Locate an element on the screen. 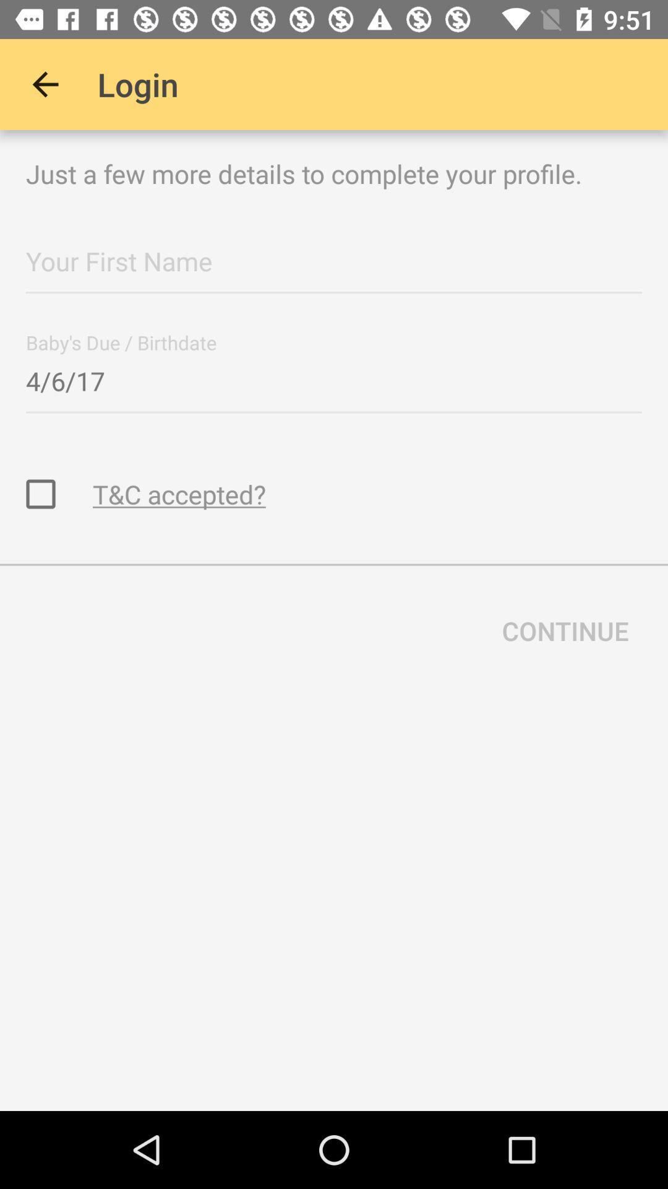 This screenshot has width=668, height=1189. the icon below the 4/6/17 item is located at coordinates (179, 493).